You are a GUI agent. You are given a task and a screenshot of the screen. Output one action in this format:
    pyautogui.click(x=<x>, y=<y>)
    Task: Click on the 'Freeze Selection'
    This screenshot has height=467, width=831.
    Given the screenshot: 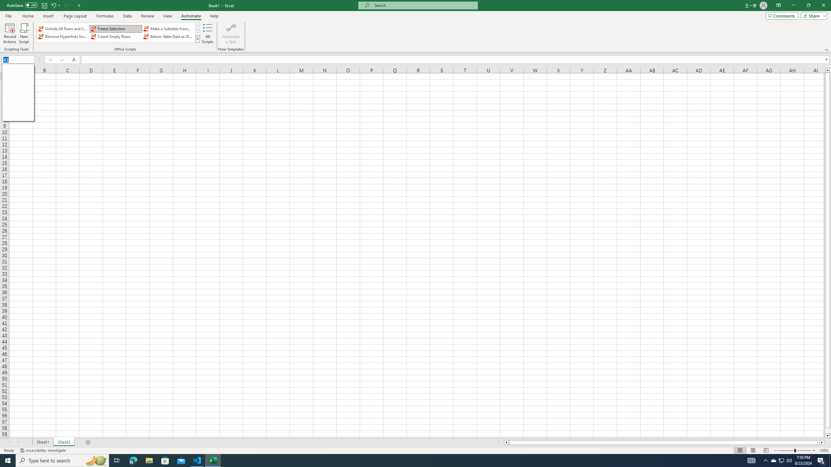 What is the action you would take?
    pyautogui.click(x=116, y=29)
    